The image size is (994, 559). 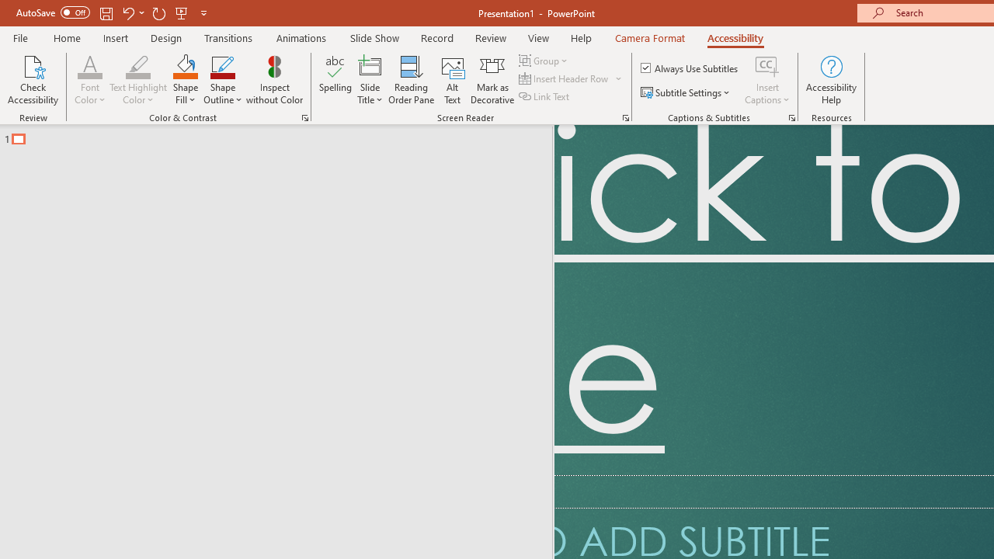 I want to click on 'Mark as Decorative', so click(x=492, y=80).